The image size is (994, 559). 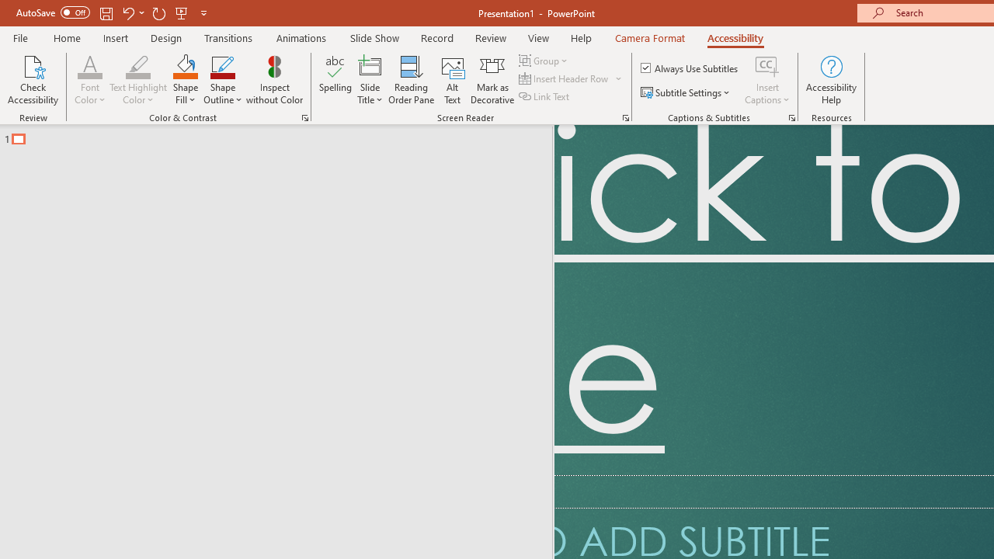 I want to click on 'Mark as Decorative', so click(x=492, y=80).